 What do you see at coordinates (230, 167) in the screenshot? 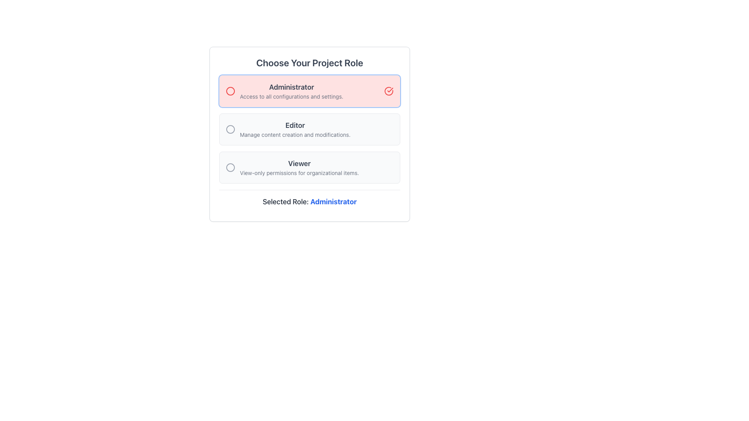
I see `the circular gray outlined icon located in the bottommost section of the role selection interface, just before the 'Viewer' label` at bounding box center [230, 167].